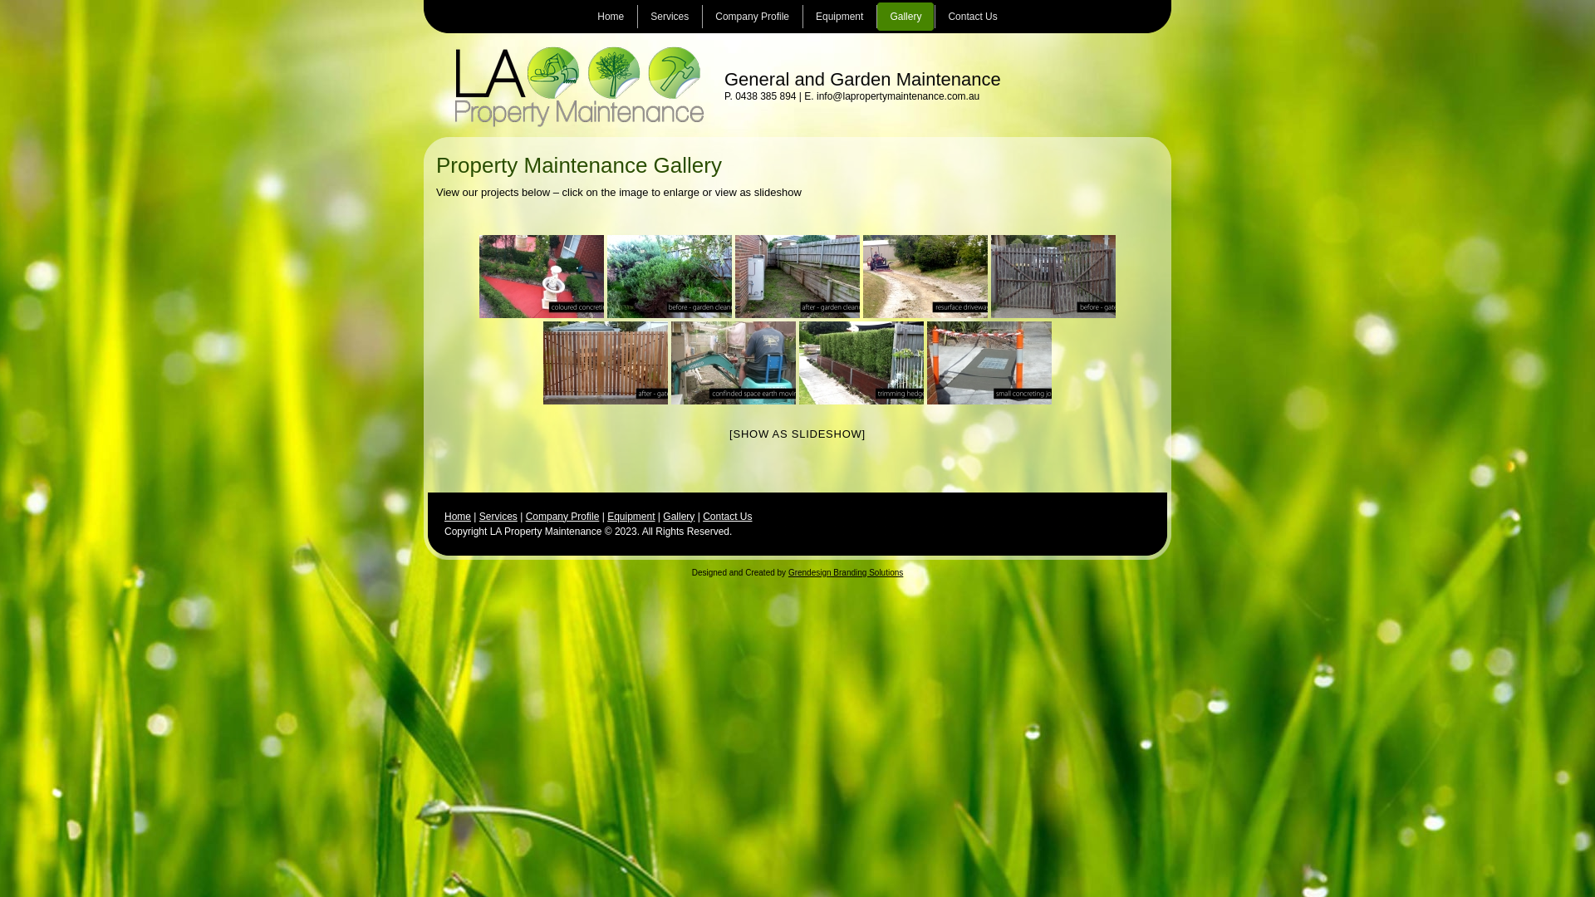 The height and width of the screenshot is (897, 1595). Describe the element at coordinates (670, 16) in the screenshot. I see `'Services'` at that location.